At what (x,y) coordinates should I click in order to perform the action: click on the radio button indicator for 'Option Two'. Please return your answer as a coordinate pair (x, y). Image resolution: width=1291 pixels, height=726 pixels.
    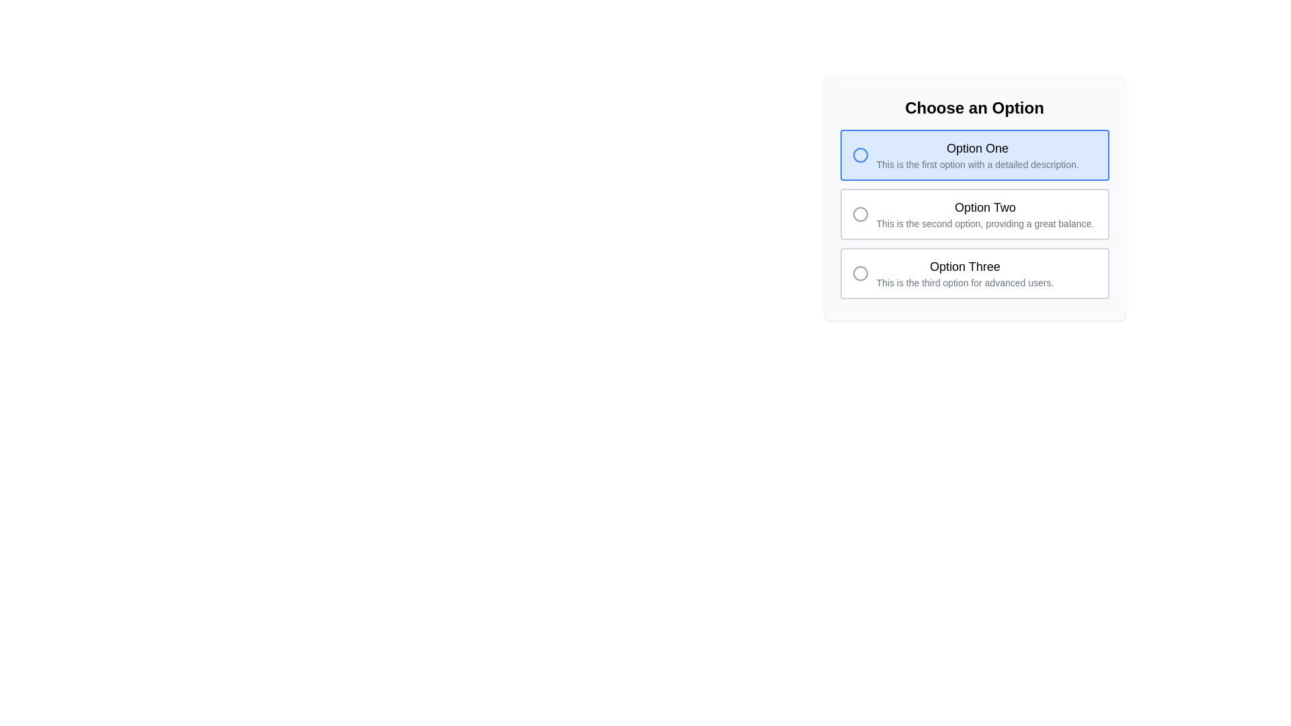
    Looking at the image, I should click on (859, 214).